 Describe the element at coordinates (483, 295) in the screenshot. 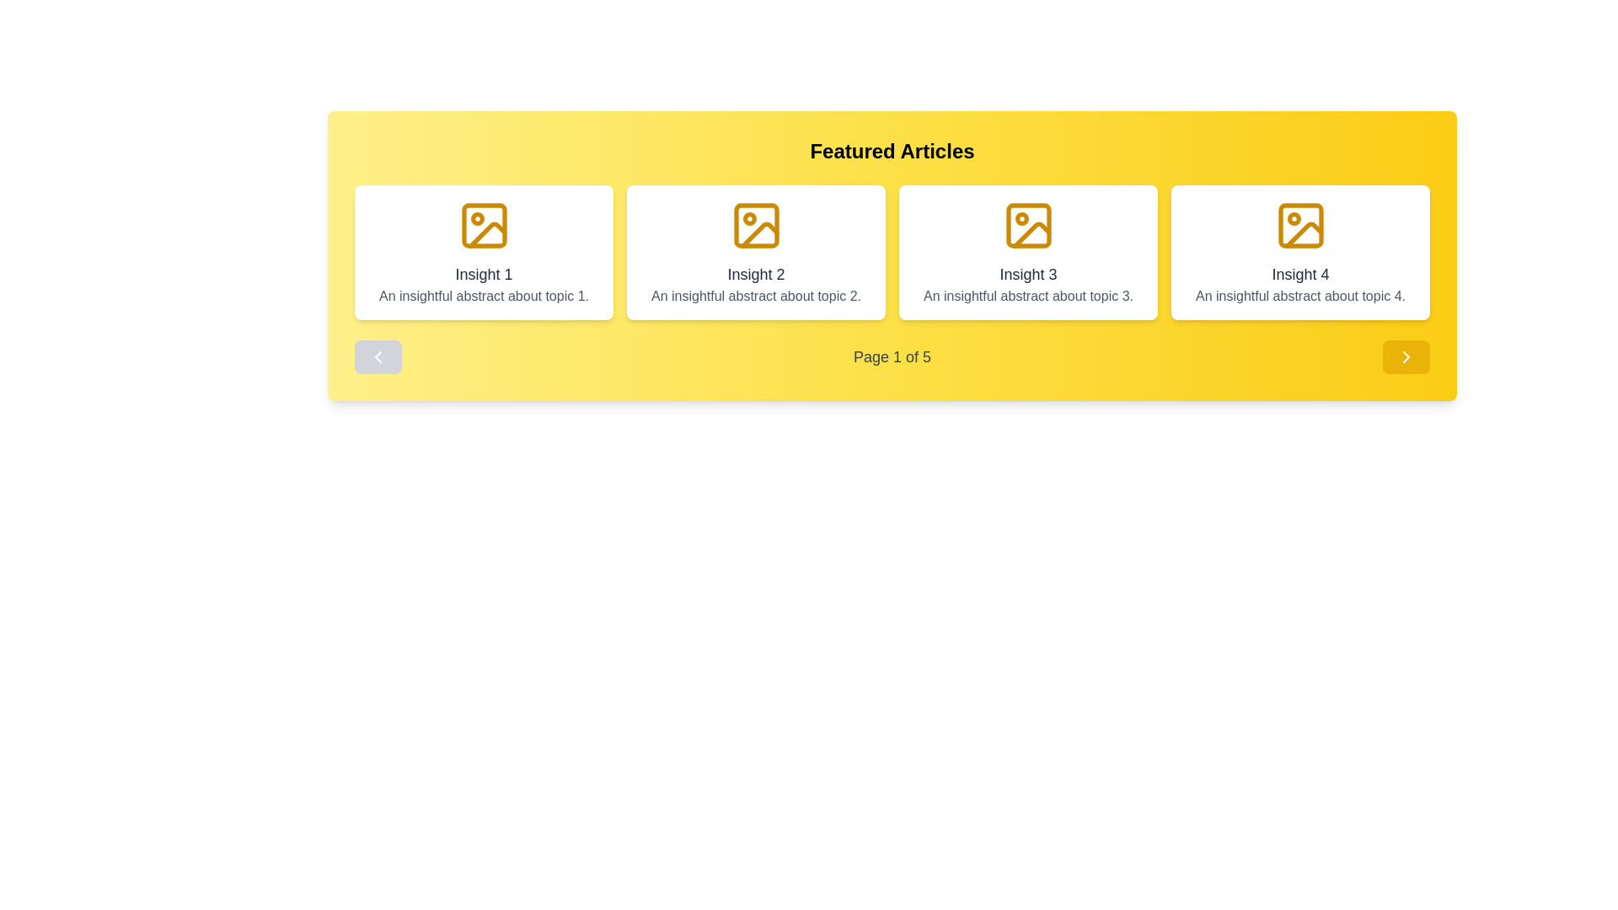

I see `the text block styled in gray that contains the phrase 'An insightful abstract about topic 1.' which is located below the header 'Insight 1'` at that location.